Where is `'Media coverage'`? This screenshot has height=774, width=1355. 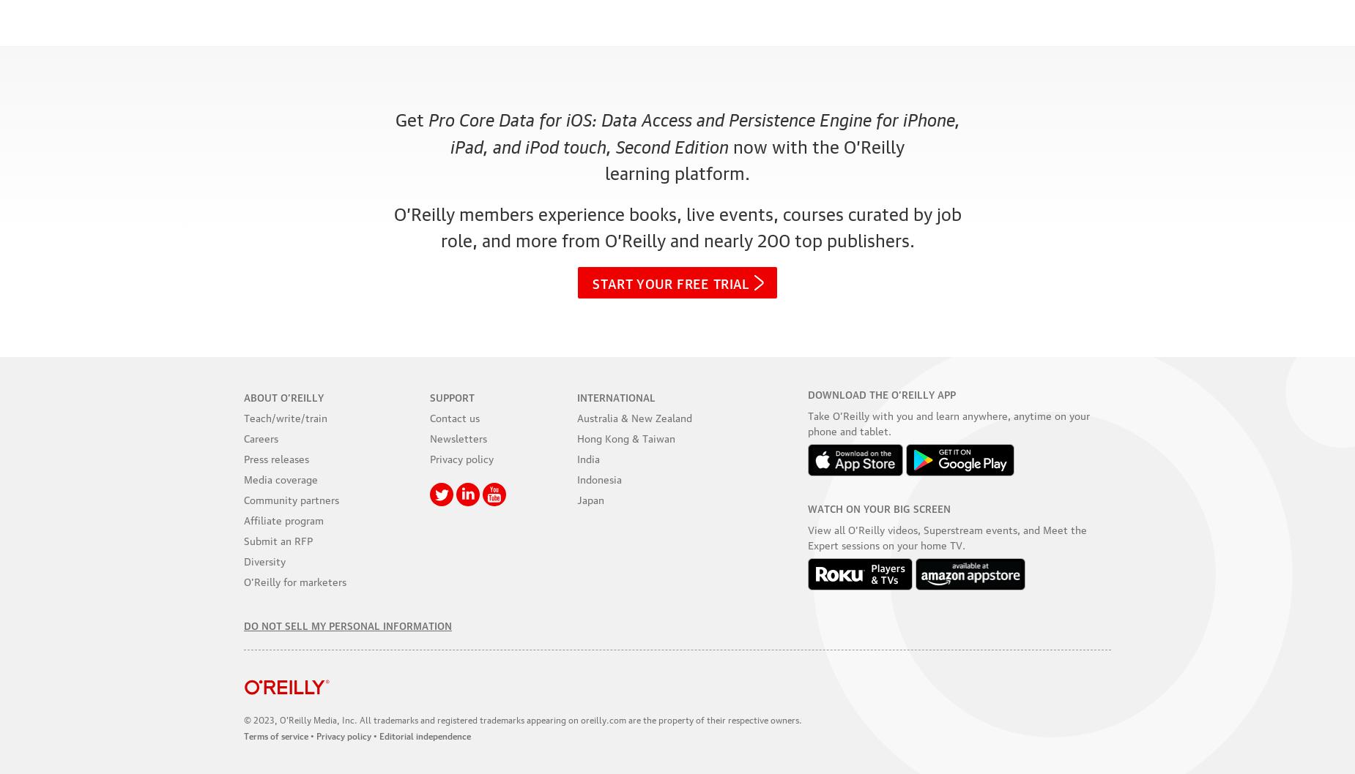
'Media coverage' is located at coordinates (280, 477).